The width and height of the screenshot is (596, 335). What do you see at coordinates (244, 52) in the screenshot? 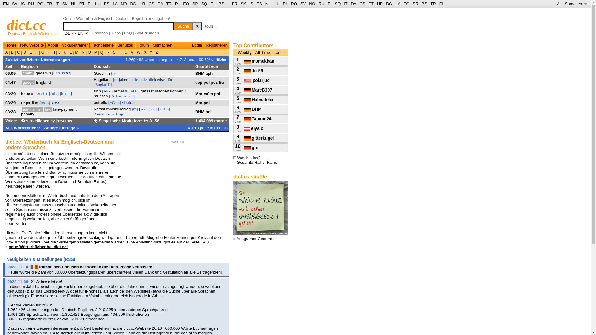
I see `'Weekly'` at bounding box center [244, 52].